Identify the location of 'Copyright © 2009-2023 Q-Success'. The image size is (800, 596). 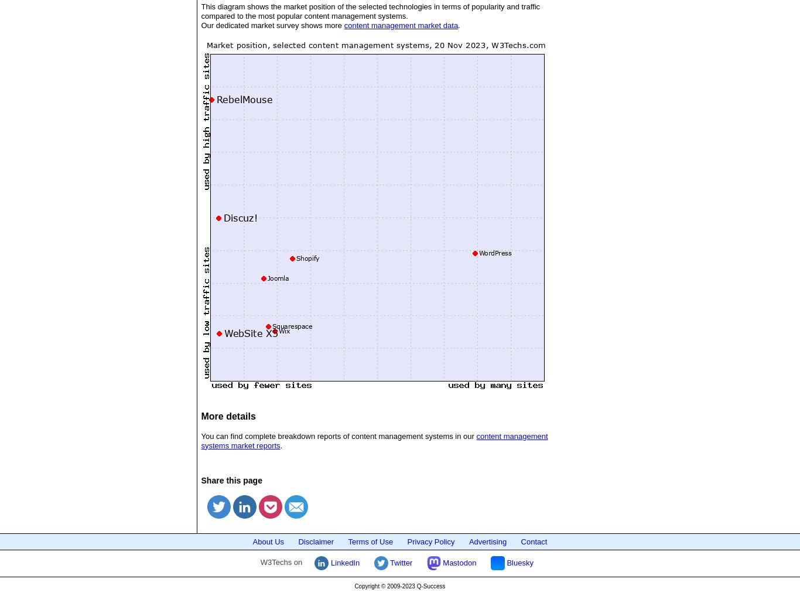
(399, 585).